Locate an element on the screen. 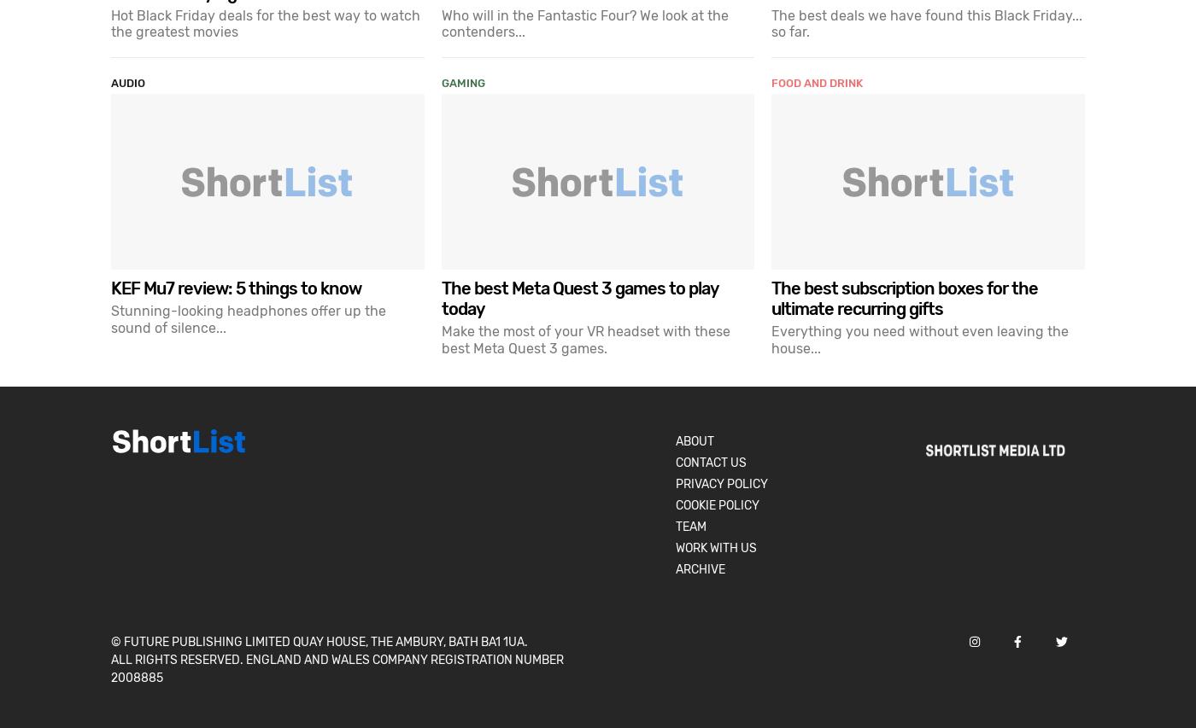  'Cookie Policy' is located at coordinates (675, 504).